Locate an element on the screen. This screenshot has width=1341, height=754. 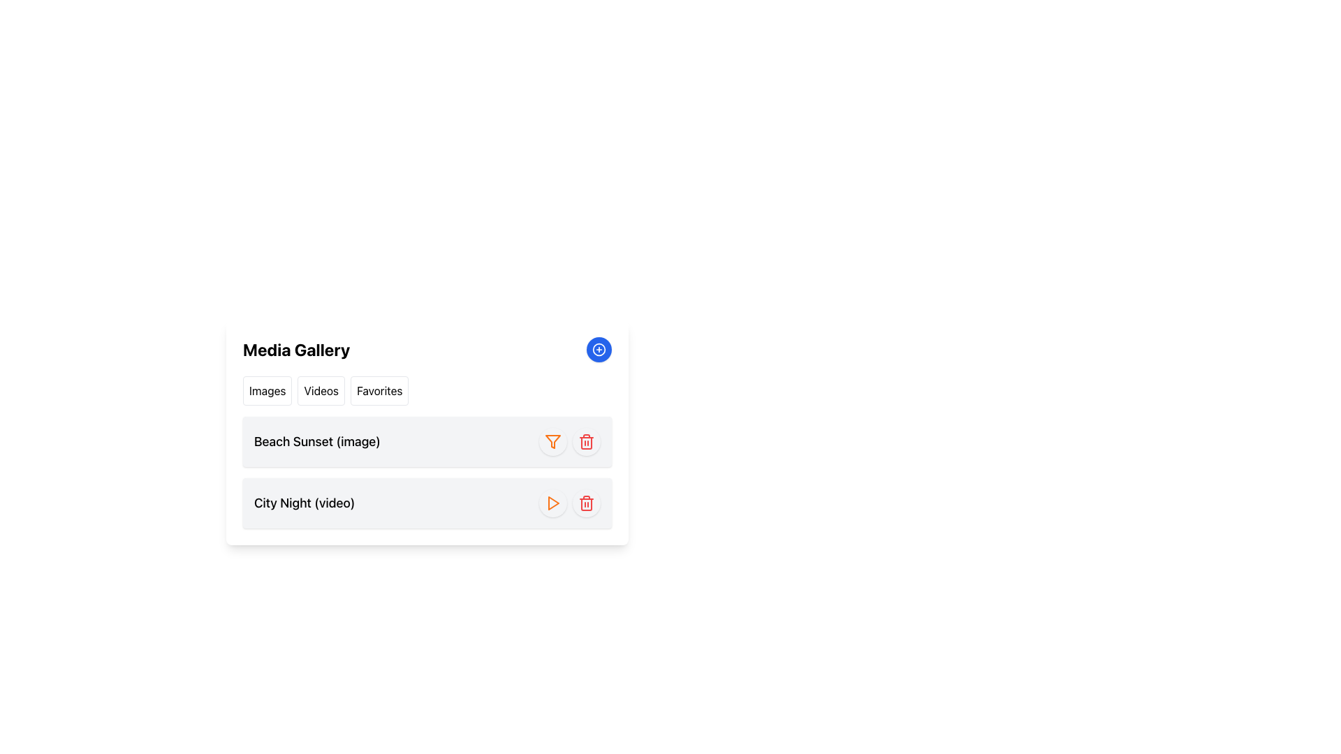
the 'Add New Item' button located at the top-right of the 'Media Gallery' section is located at coordinates (599, 349).